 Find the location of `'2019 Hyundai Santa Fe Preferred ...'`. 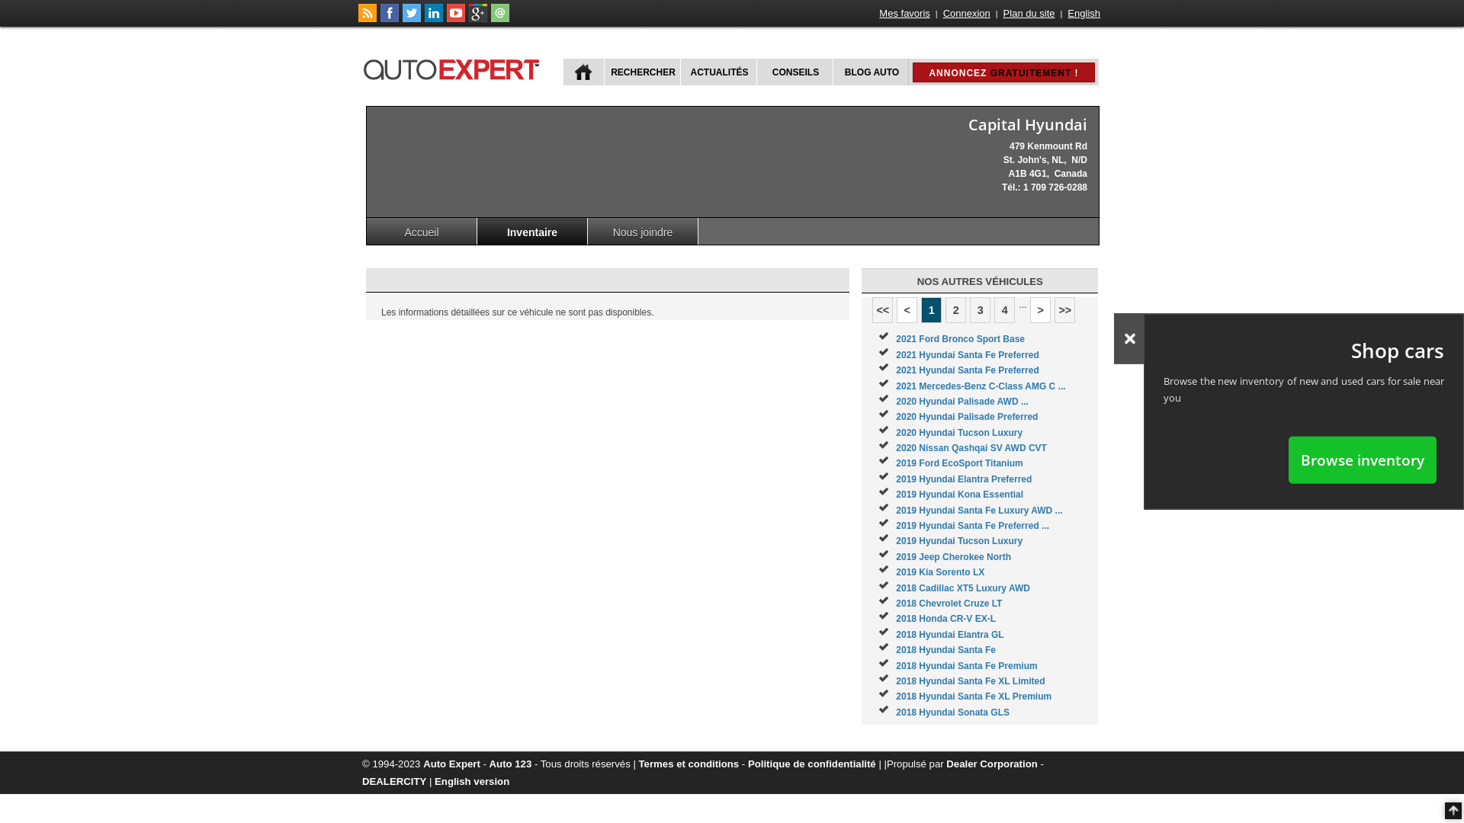

'2019 Hyundai Santa Fe Preferred ...' is located at coordinates (971, 525).